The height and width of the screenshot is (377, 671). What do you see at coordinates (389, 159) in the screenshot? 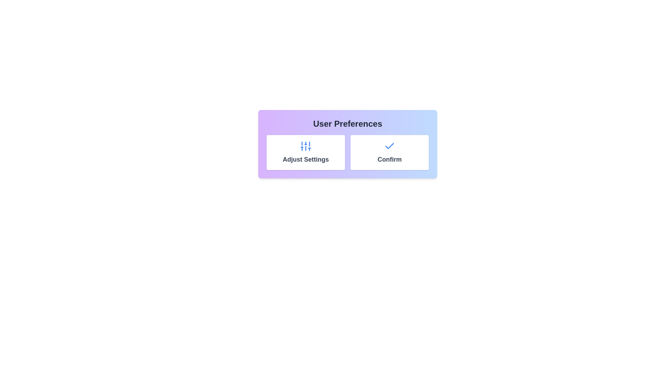
I see `the confirmation text label located at the bottom center of a rectangular card with a white background and shadows` at bounding box center [389, 159].